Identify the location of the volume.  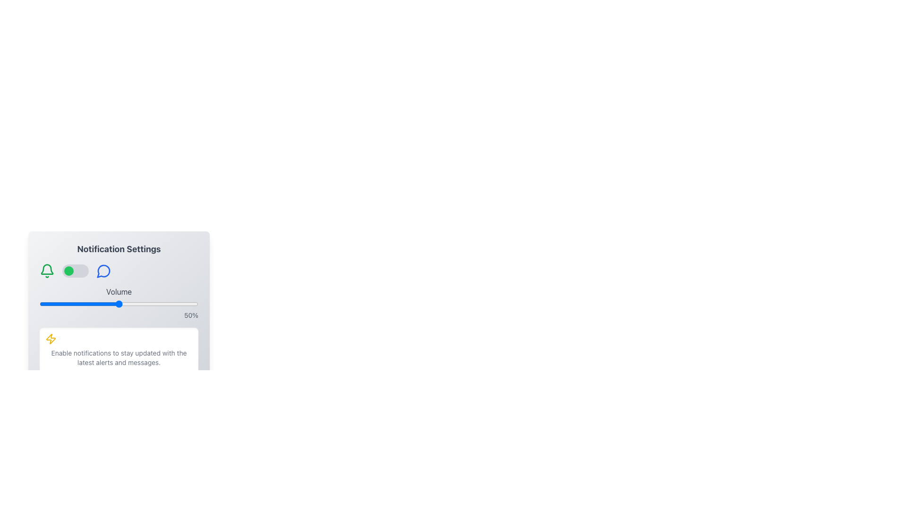
(103, 304).